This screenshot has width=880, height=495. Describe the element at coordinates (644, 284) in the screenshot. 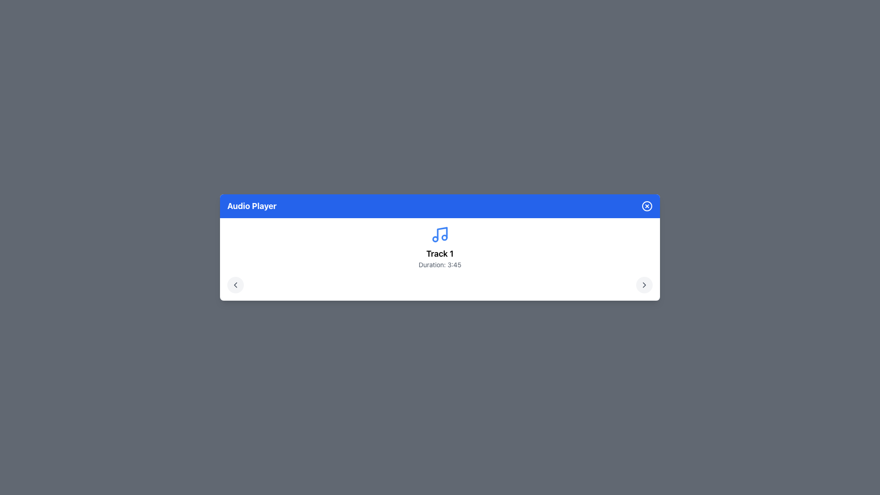

I see `the navigation button located at the lower right corner of the card interface` at that location.